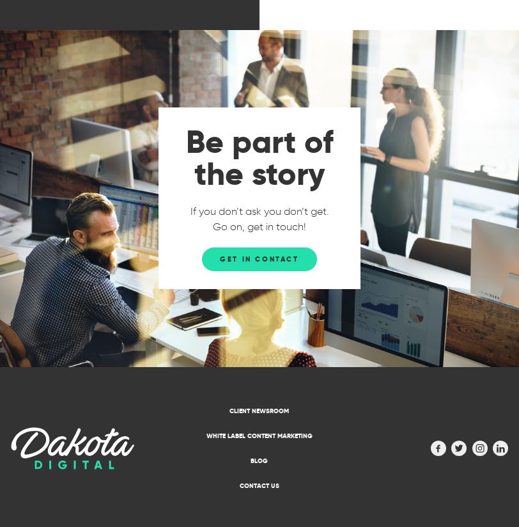  I want to click on 'Absolute media wizards! I have had so much media exposure it has been an amazing return on investment. Will be using for all my PR related stuff.', so click(395, 420).